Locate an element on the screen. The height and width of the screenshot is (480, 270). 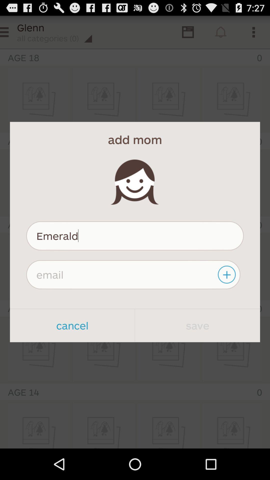
the item at the bottom right corner is located at coordinates (197, 325).